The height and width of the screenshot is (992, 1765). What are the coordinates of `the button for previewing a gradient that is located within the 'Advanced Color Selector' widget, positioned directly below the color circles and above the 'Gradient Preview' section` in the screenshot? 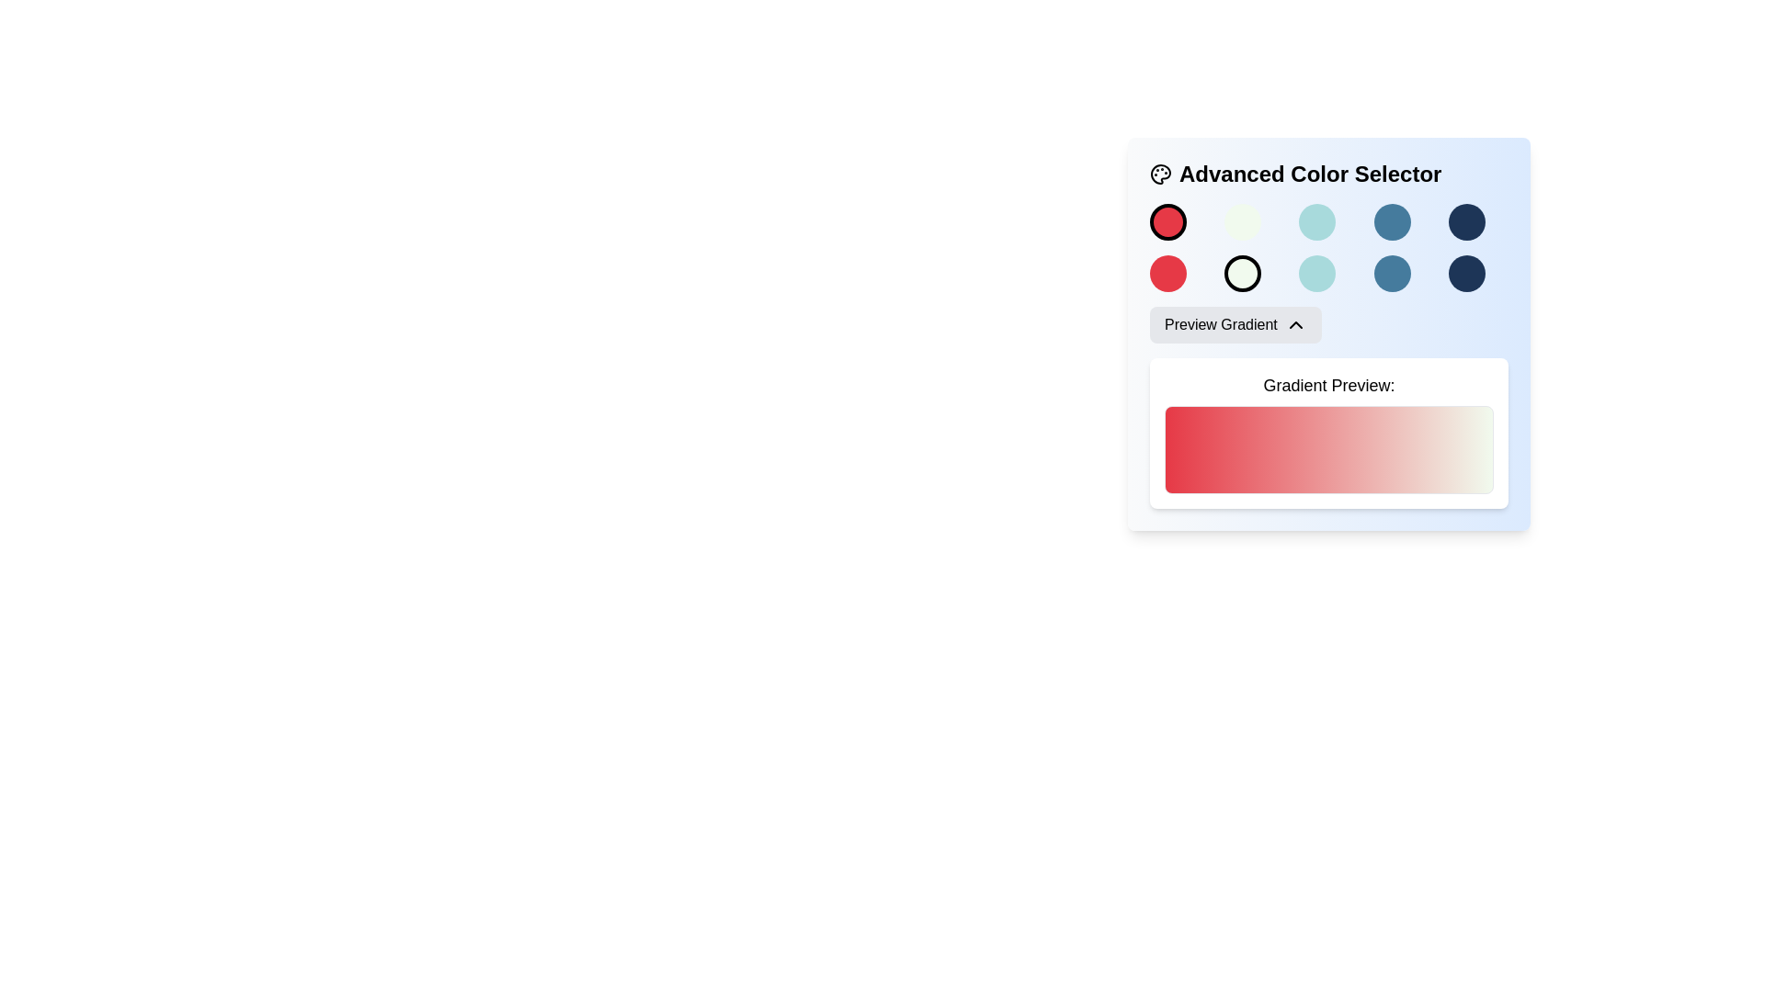 It's located at (1235, 324).